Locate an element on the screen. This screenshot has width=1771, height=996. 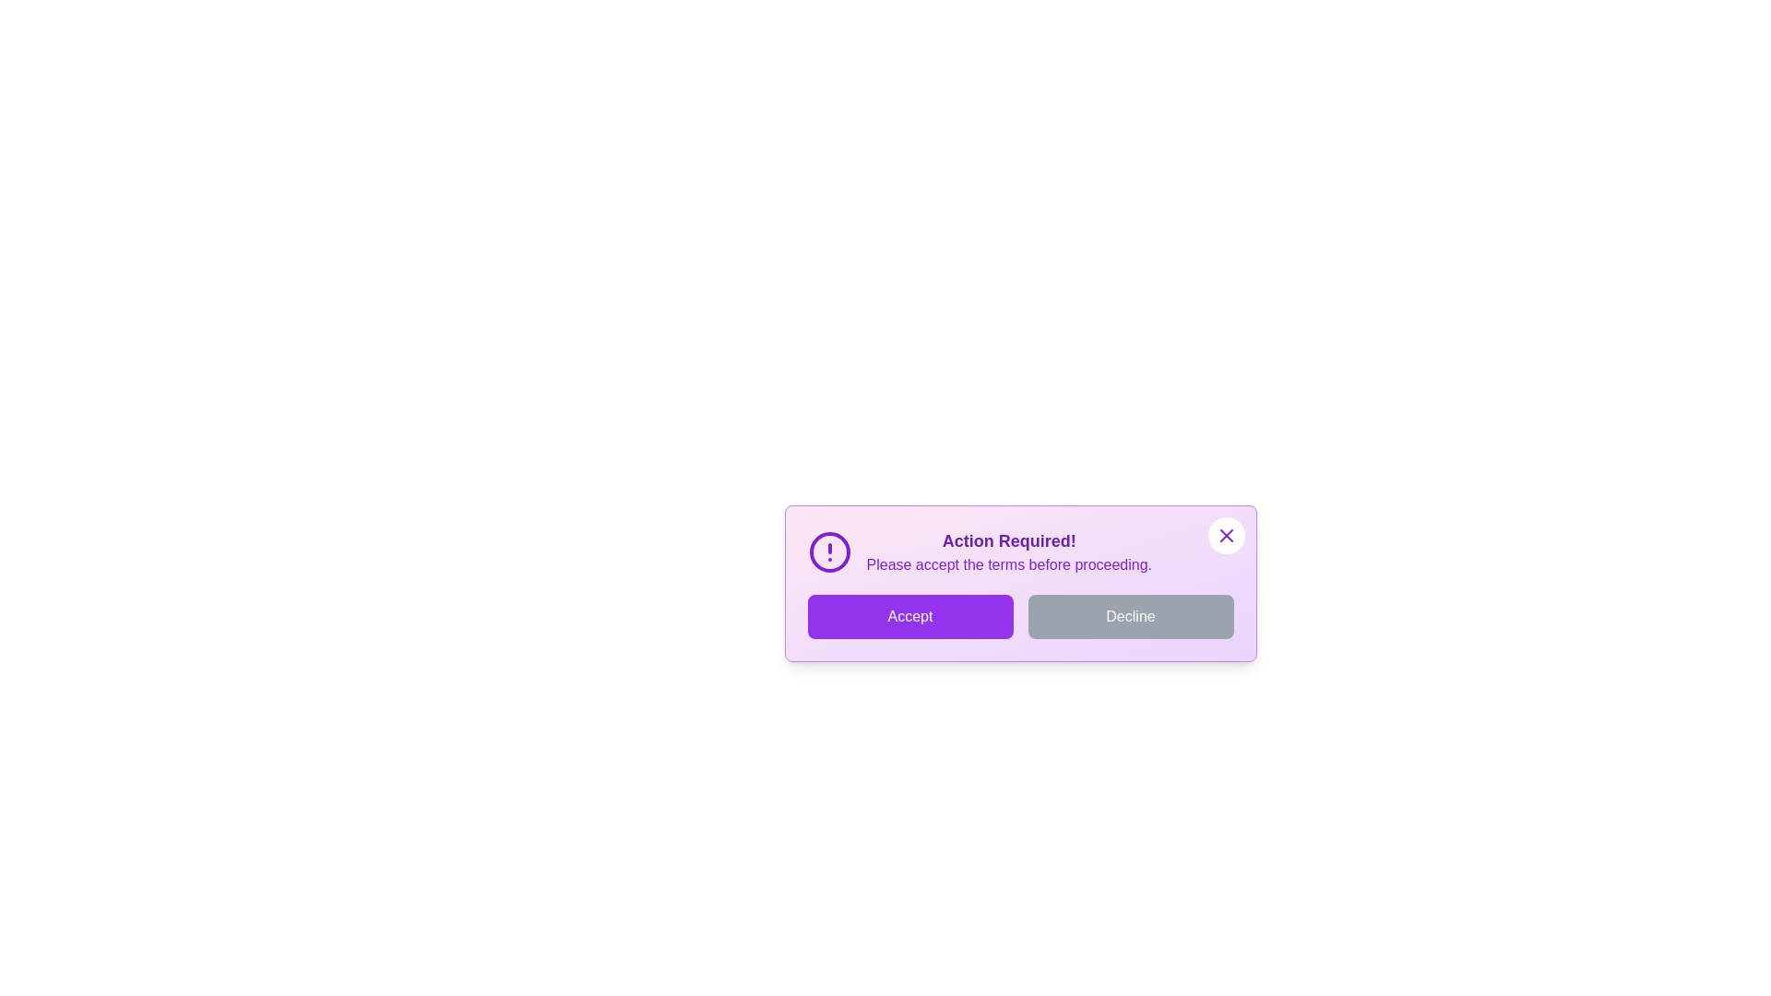
the 'Decline' button is located at coordinates (1129, 616).